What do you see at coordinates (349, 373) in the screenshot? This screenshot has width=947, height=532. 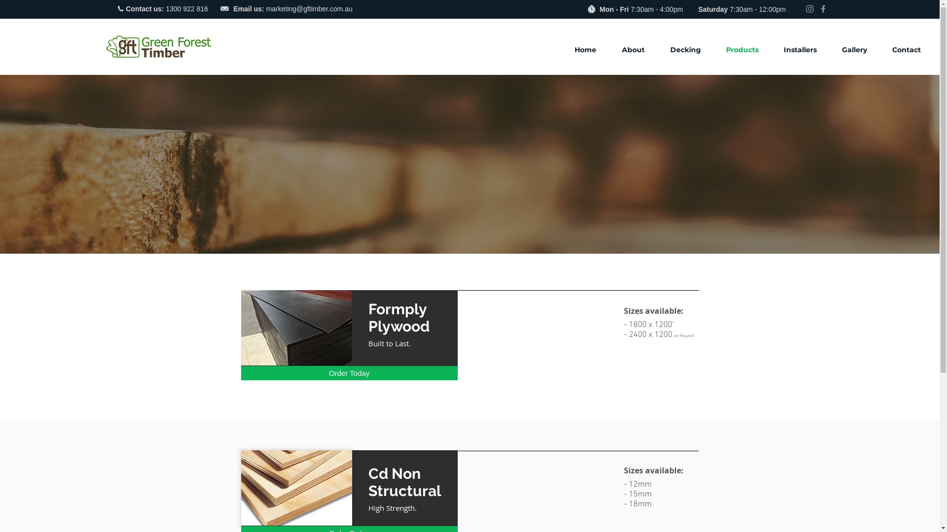 I see `'Order Today'` at bounding box center [349, 373].